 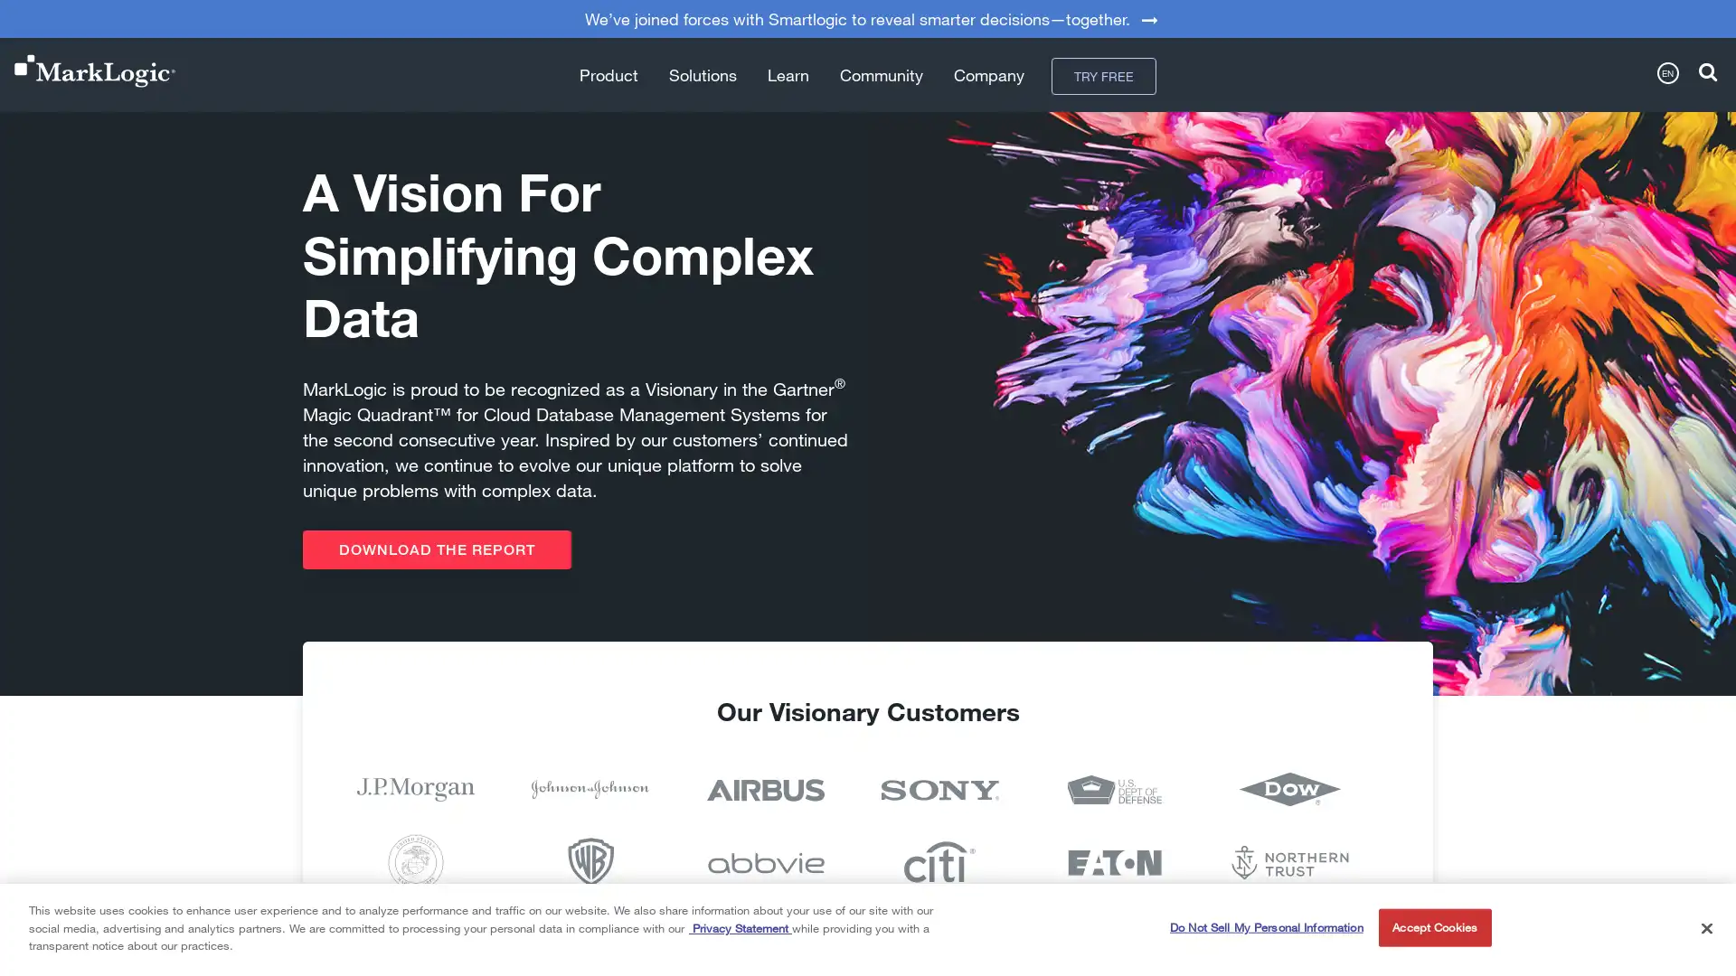 I want to click on Accept Cookies, so click(x=1433, y=927).